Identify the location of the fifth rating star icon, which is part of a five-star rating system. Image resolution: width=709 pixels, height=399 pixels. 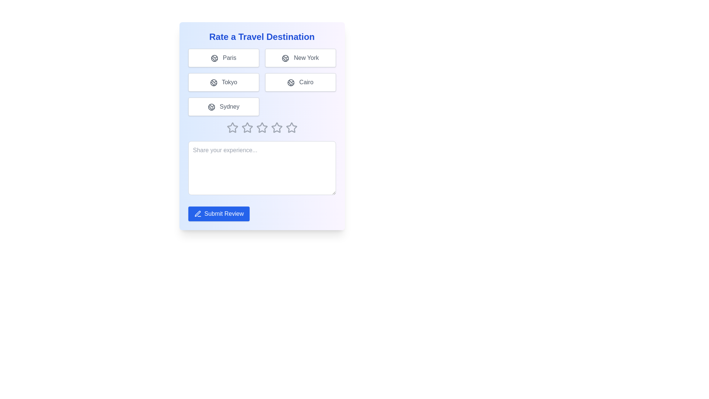
(291, 127).